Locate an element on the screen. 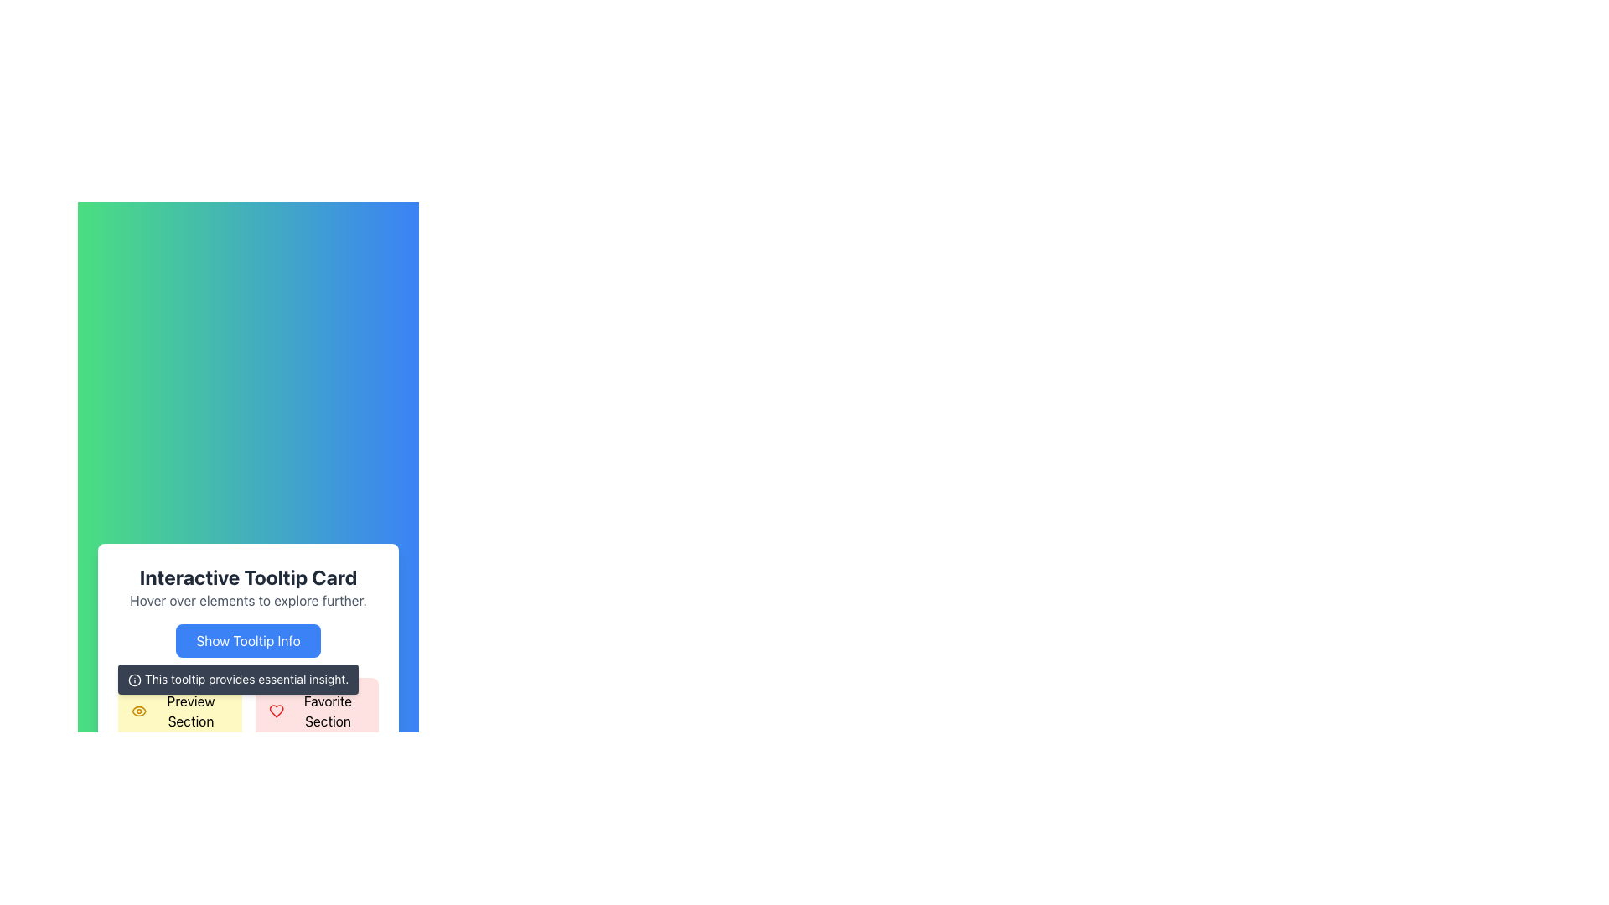 The image size is (1609, 905). the 'Favorite Section' button located in the right column of the two-column grid layout to trigger the tooltip is located at coordinates (317, 711).